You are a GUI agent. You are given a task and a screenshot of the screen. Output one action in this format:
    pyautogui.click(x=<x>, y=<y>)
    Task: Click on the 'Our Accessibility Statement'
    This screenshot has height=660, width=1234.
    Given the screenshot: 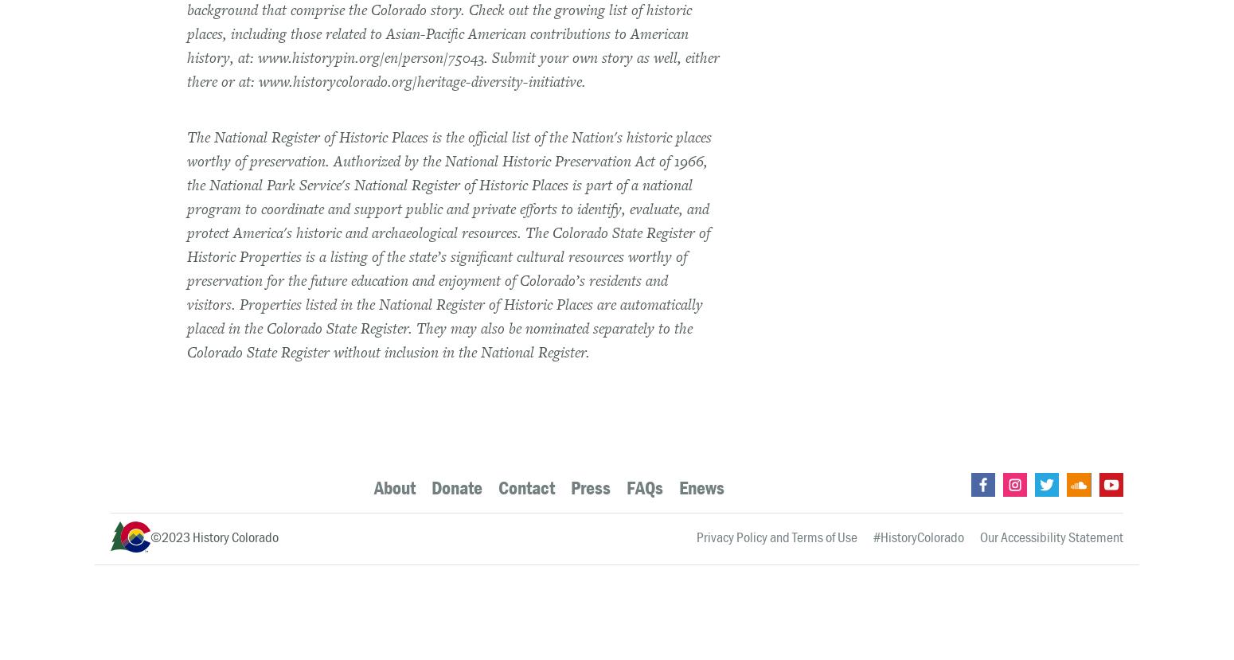 What is the action you would take?
    pyautogui.click(x=978, y=536)
    